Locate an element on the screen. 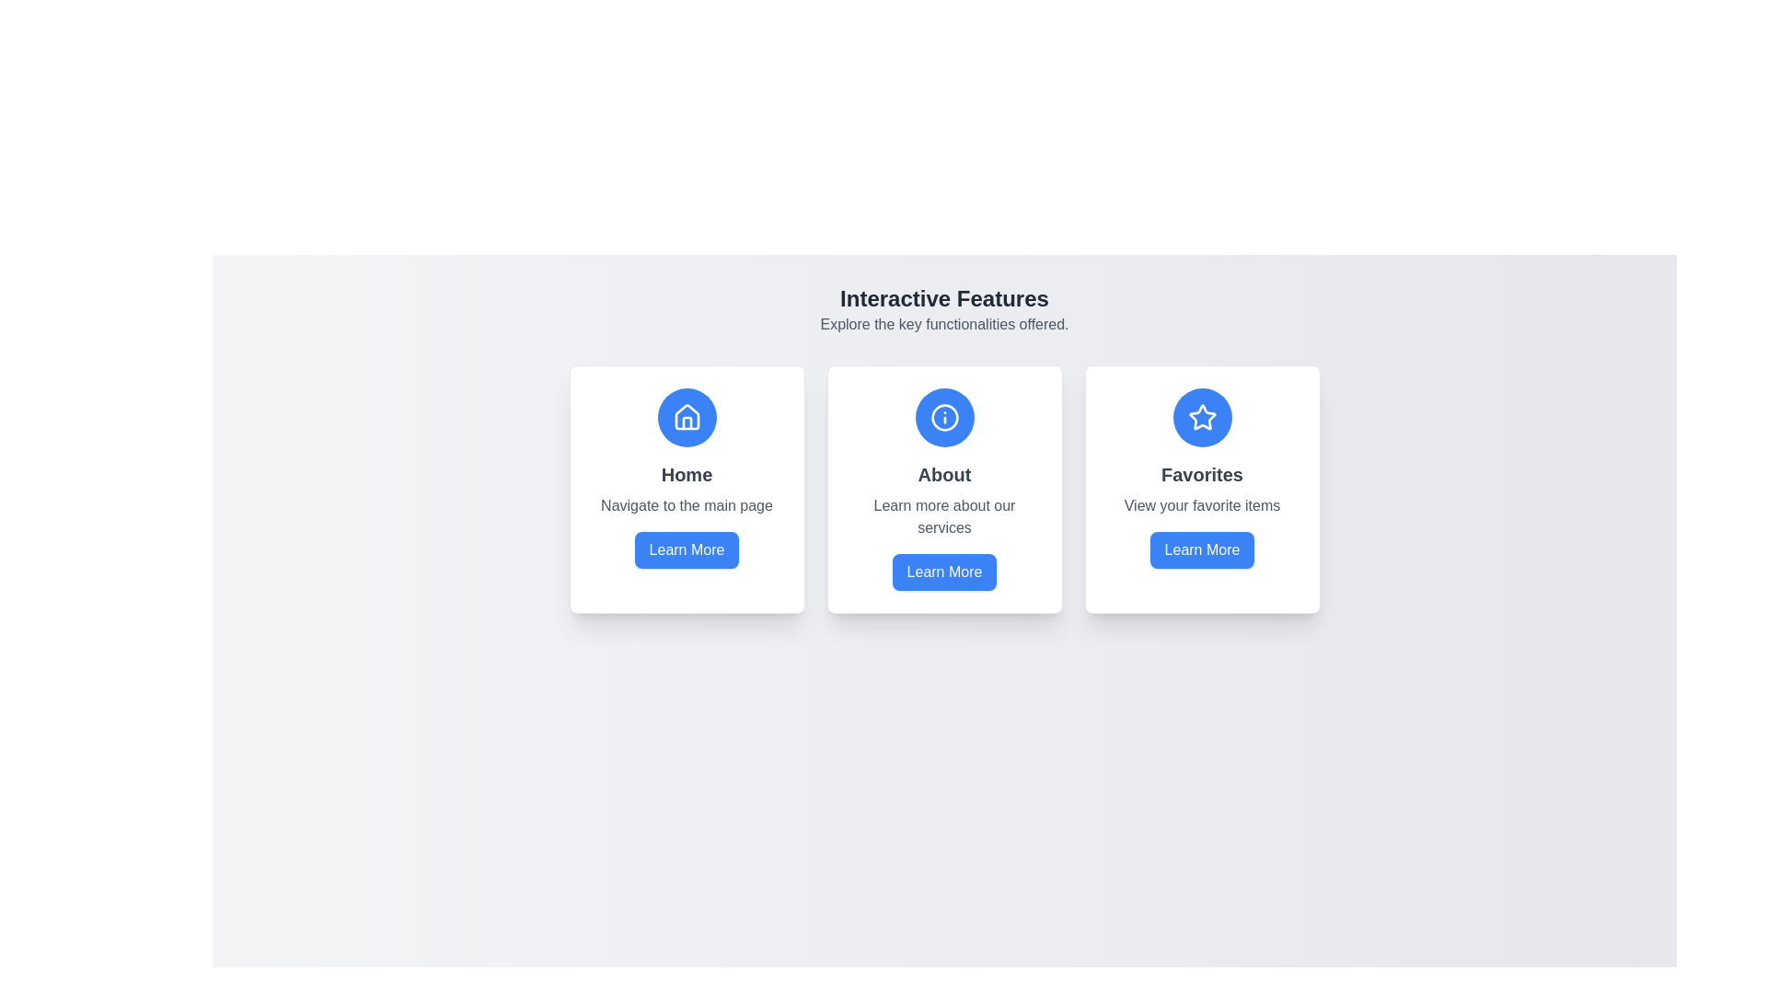  the text block titled 'Interactive Features' which contains the subtitle 'Explore the key functionalities offered.' is located at coordinates (944, 308).